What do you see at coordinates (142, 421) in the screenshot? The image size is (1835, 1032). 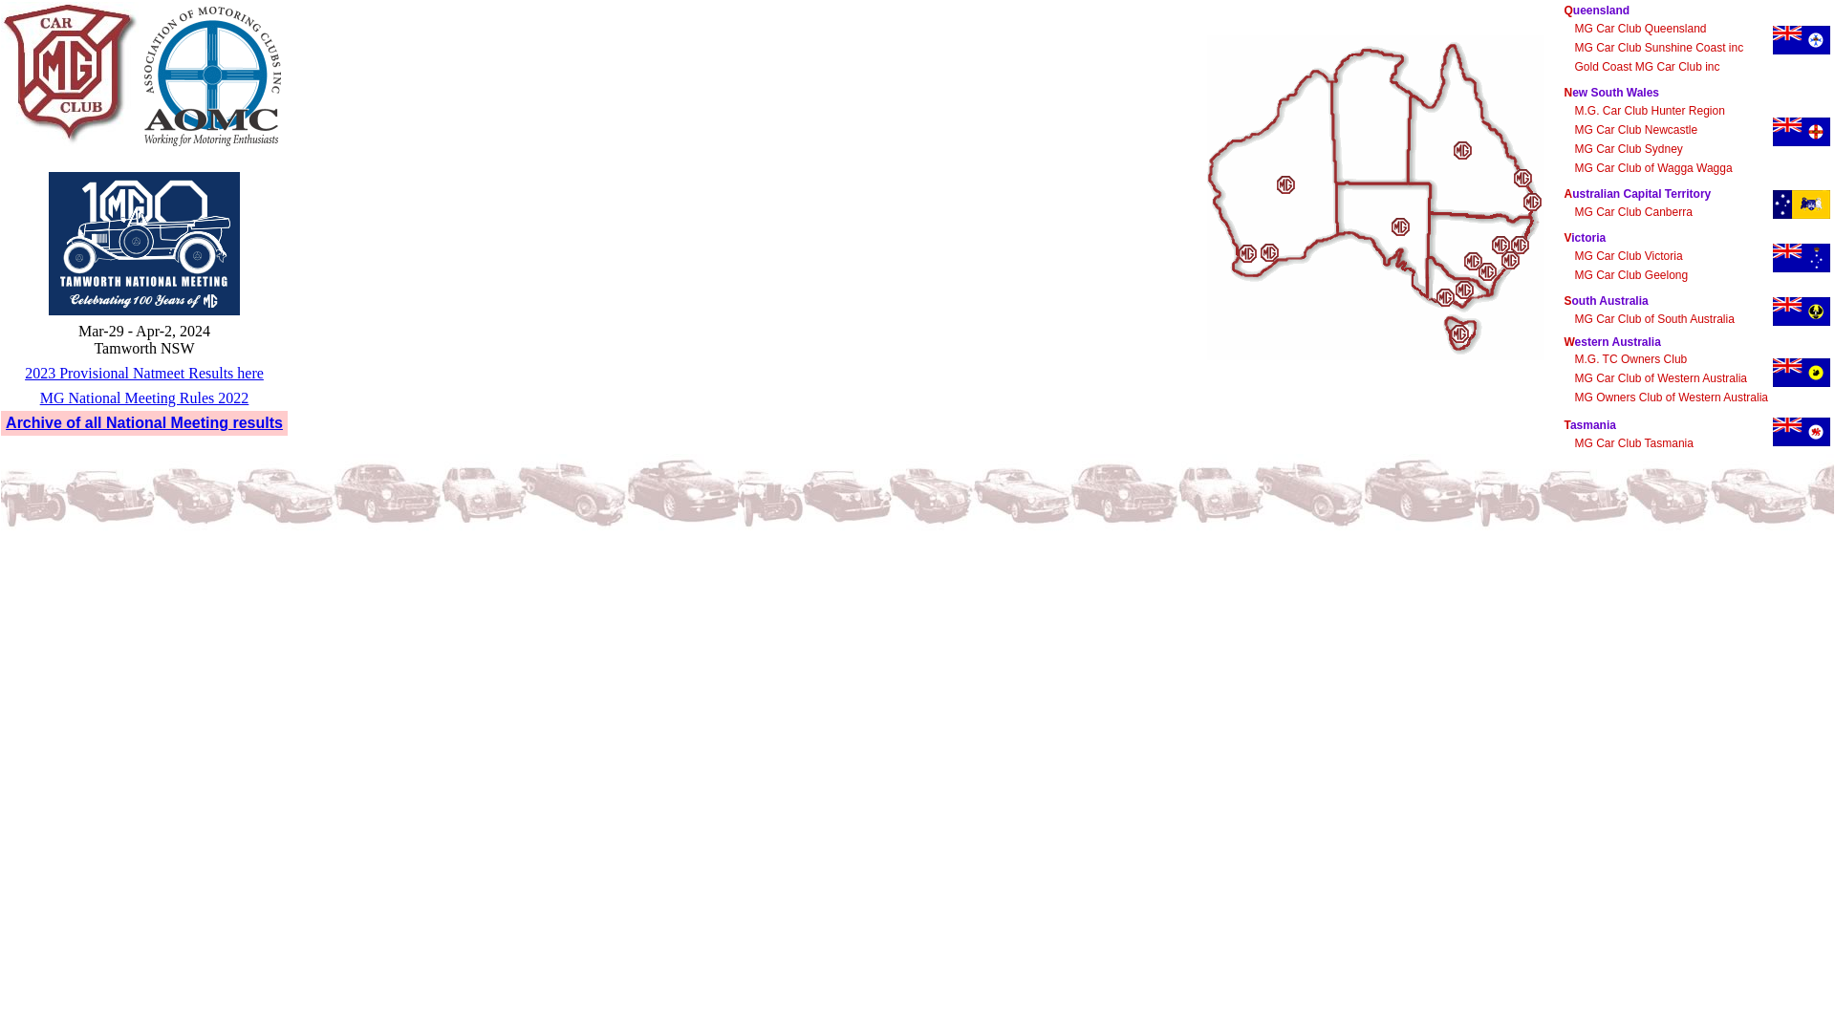 I see `'Archive of all National Meeting results'` at bounding box center [142, 421].